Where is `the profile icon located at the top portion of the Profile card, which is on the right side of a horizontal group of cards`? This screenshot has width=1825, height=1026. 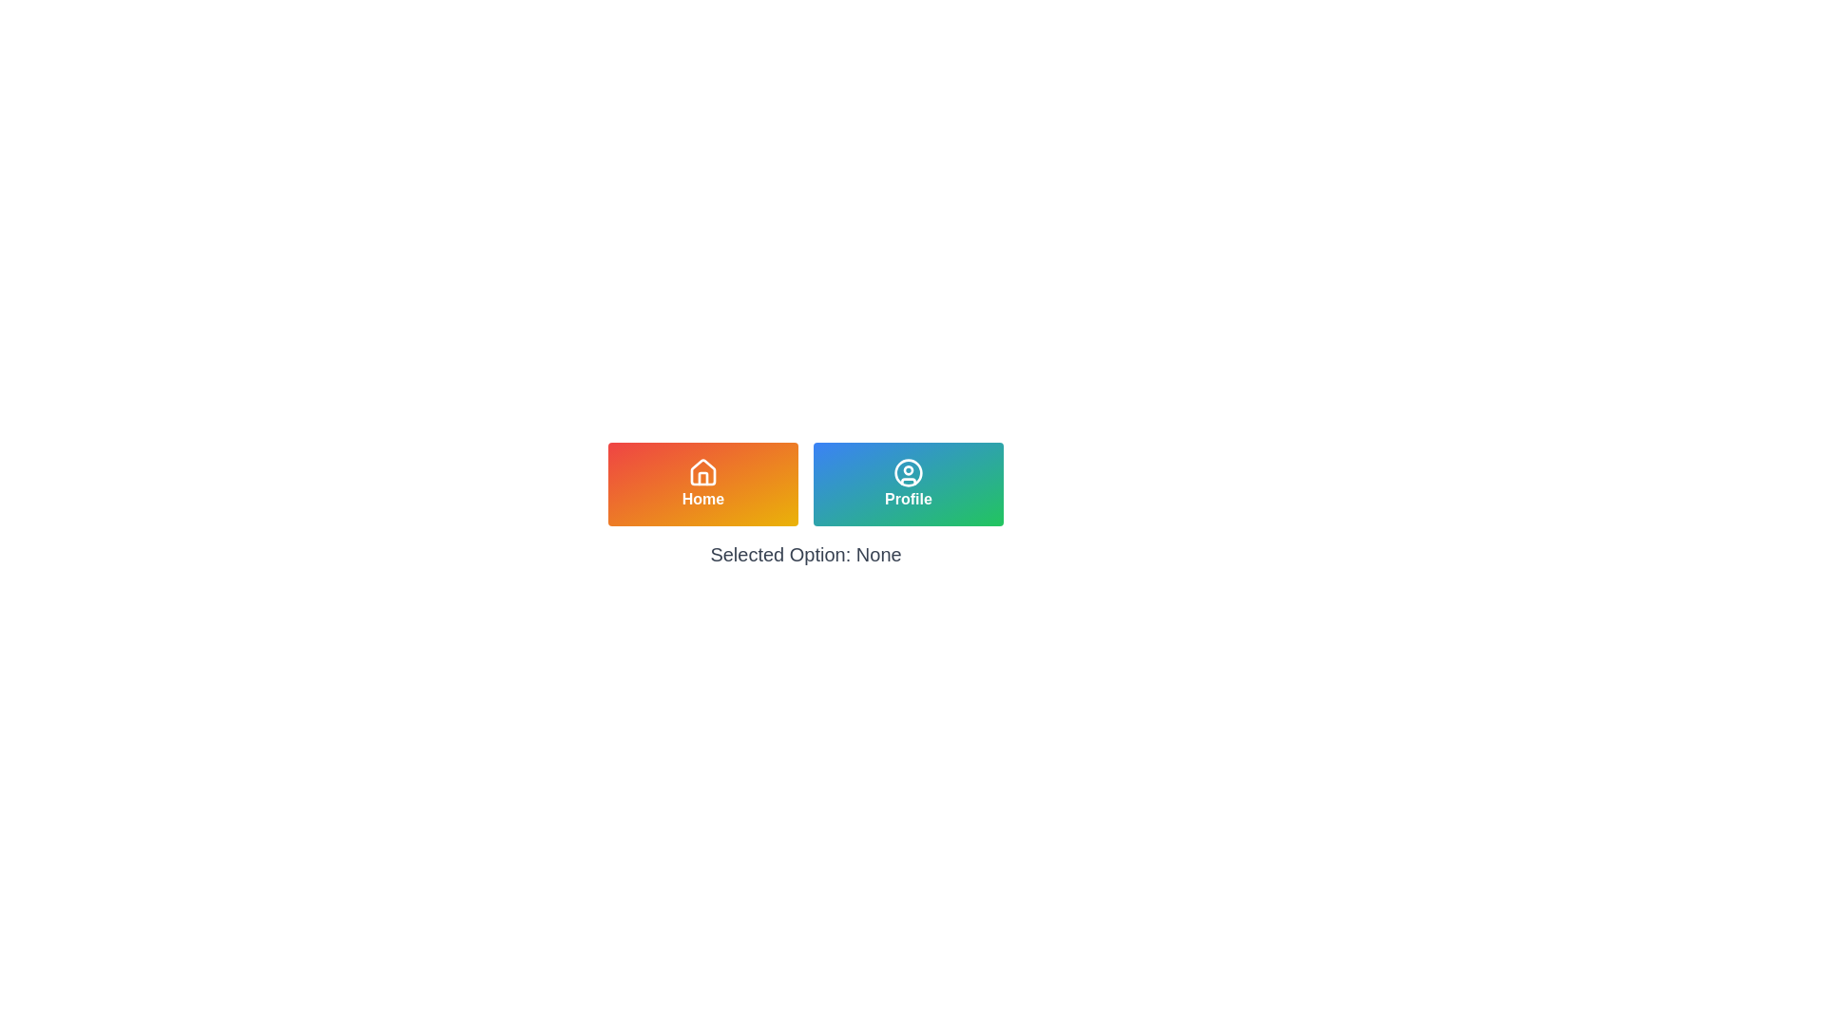 the profile icon located at the top portion of the Profile card, which is on the right side of a horizontal group of cards is located at coordinates (907, 471).